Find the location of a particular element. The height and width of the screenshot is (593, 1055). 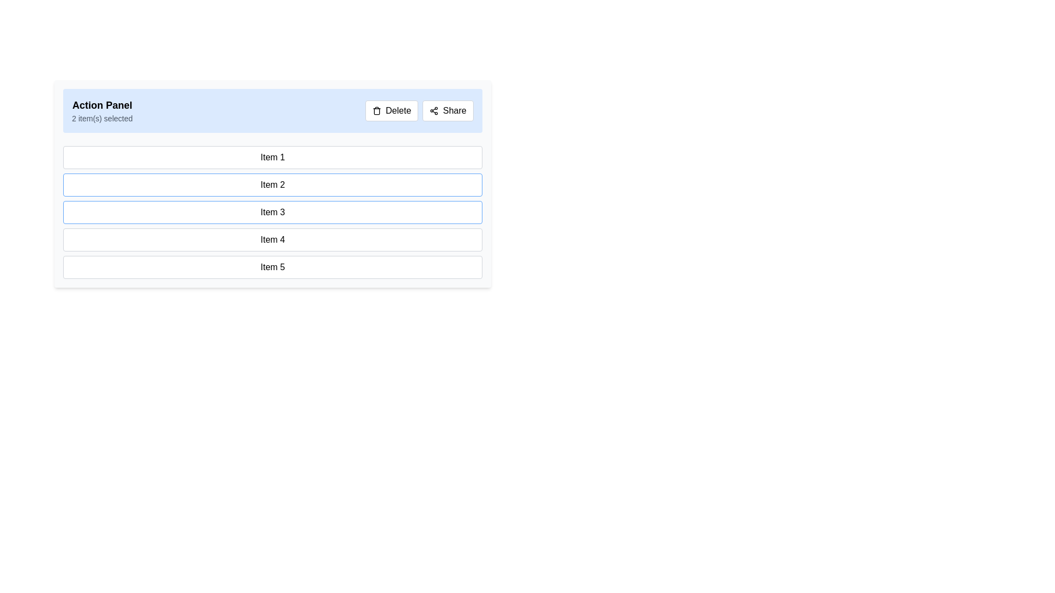

the trash bin icon located is located at coordinates (377, 111).